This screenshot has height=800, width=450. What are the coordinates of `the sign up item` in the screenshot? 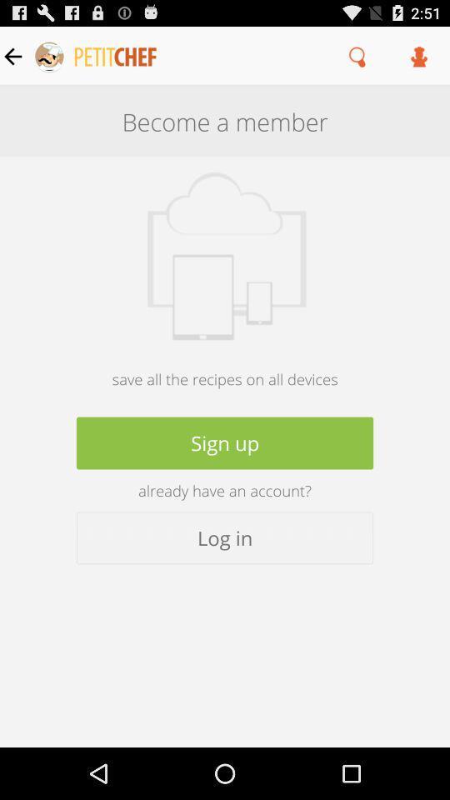 It's located at (225, 442).